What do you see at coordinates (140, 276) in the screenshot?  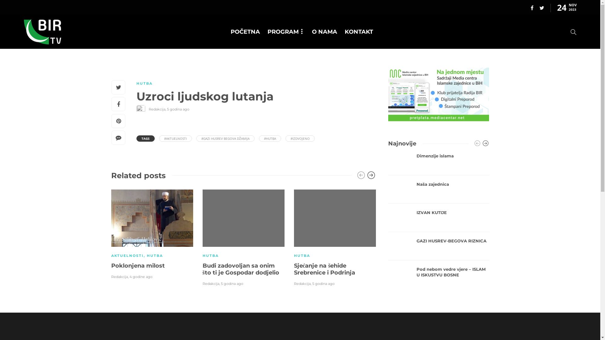 I see `'4 godine ago'` at bounding box center [140, 276].